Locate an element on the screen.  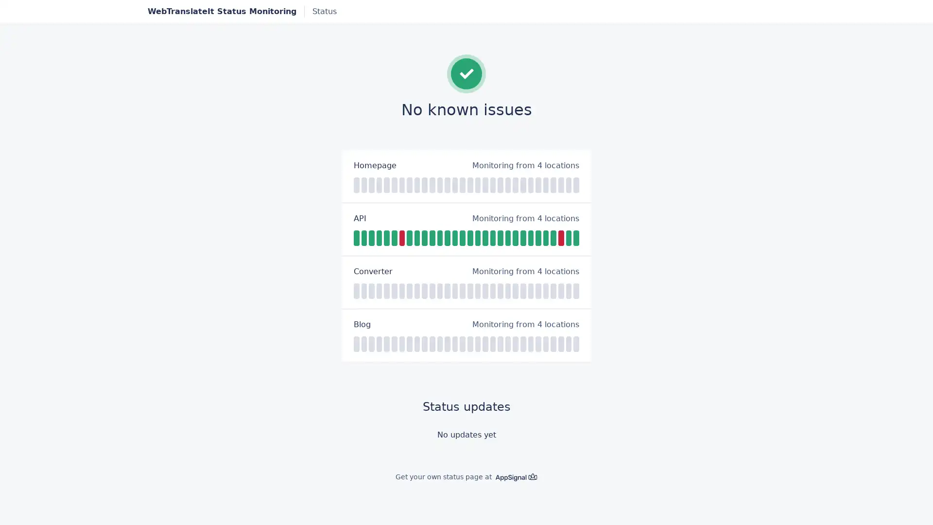
Blog is located at coordinates (362, 324).